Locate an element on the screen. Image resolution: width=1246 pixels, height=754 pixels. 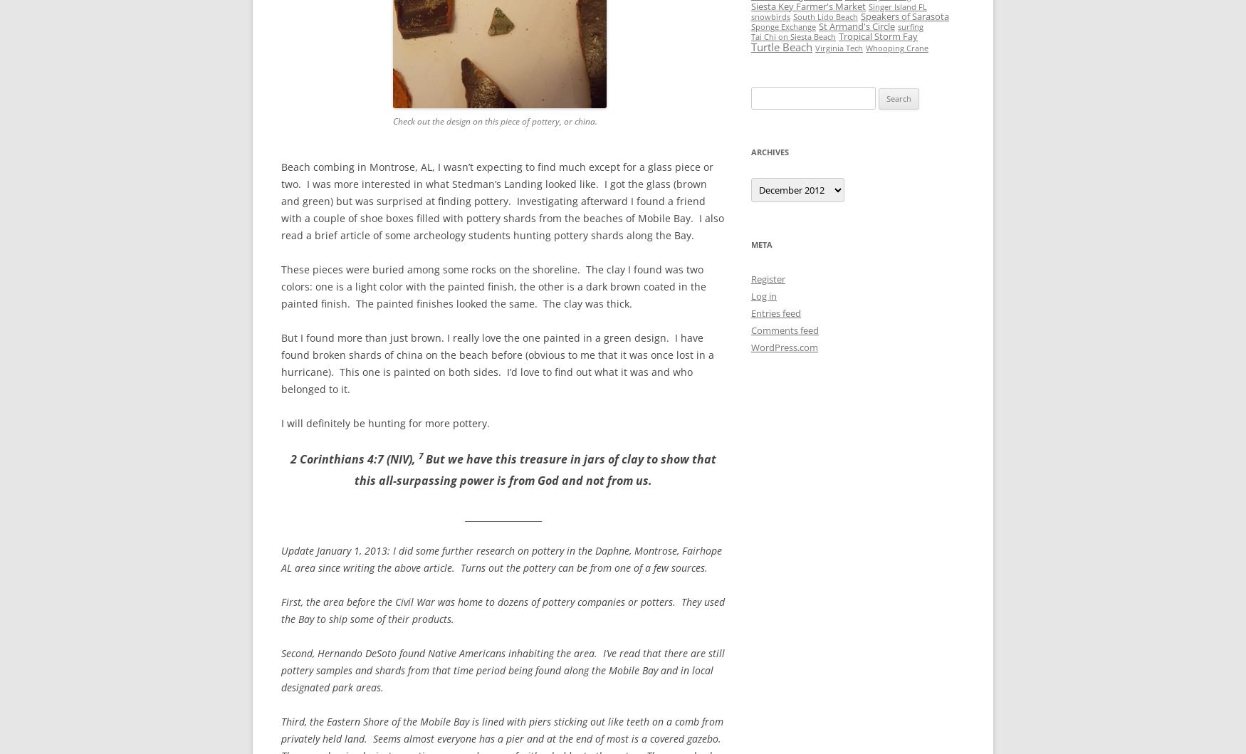
'Log in' is located at coordinates (750, 295).